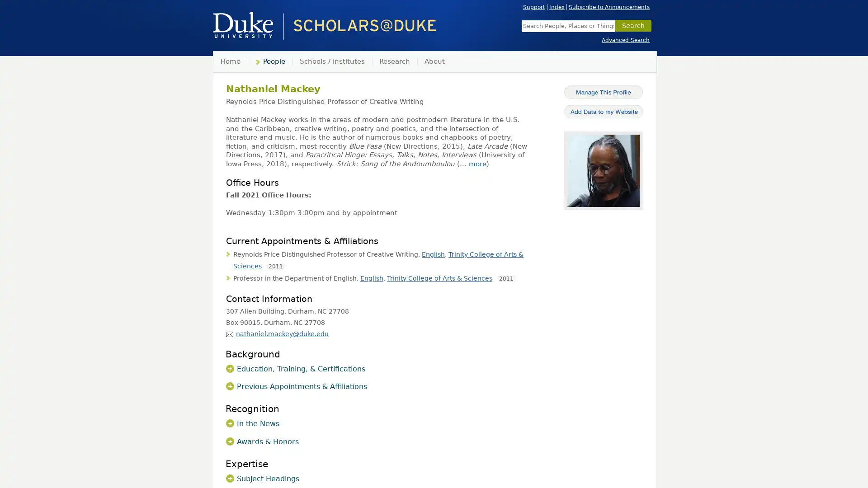 The height and width of the screenshot is (488, 868). I want to click on Search, so click(632, 25).